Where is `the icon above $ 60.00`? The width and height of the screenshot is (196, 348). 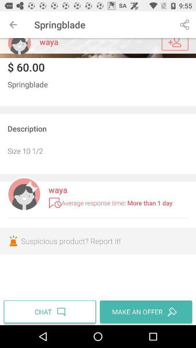
the icon above $ 60.00 is located at coordinates (98, 47).